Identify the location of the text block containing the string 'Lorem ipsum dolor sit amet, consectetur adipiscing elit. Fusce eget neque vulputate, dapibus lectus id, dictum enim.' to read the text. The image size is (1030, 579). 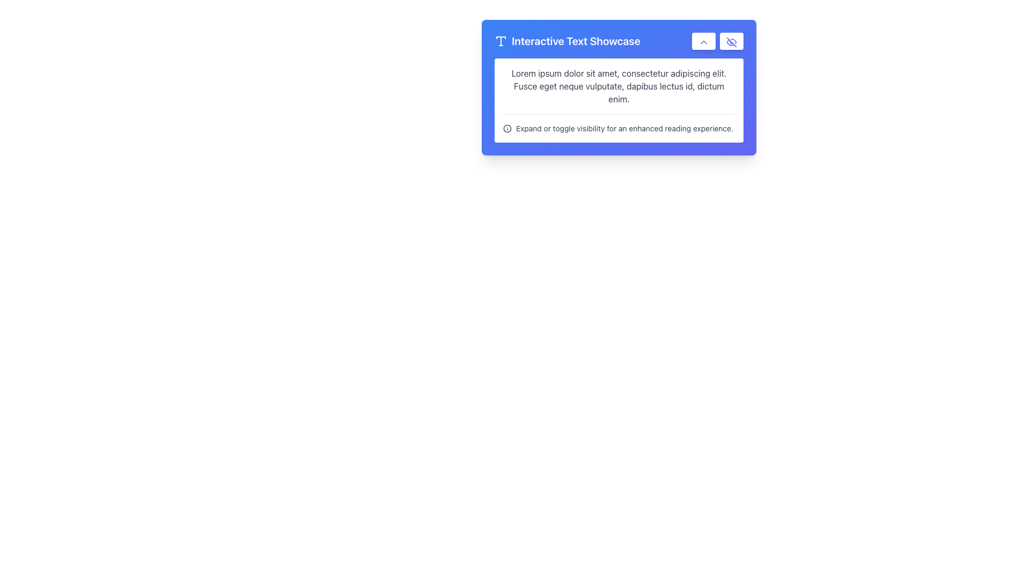
(619, 86).